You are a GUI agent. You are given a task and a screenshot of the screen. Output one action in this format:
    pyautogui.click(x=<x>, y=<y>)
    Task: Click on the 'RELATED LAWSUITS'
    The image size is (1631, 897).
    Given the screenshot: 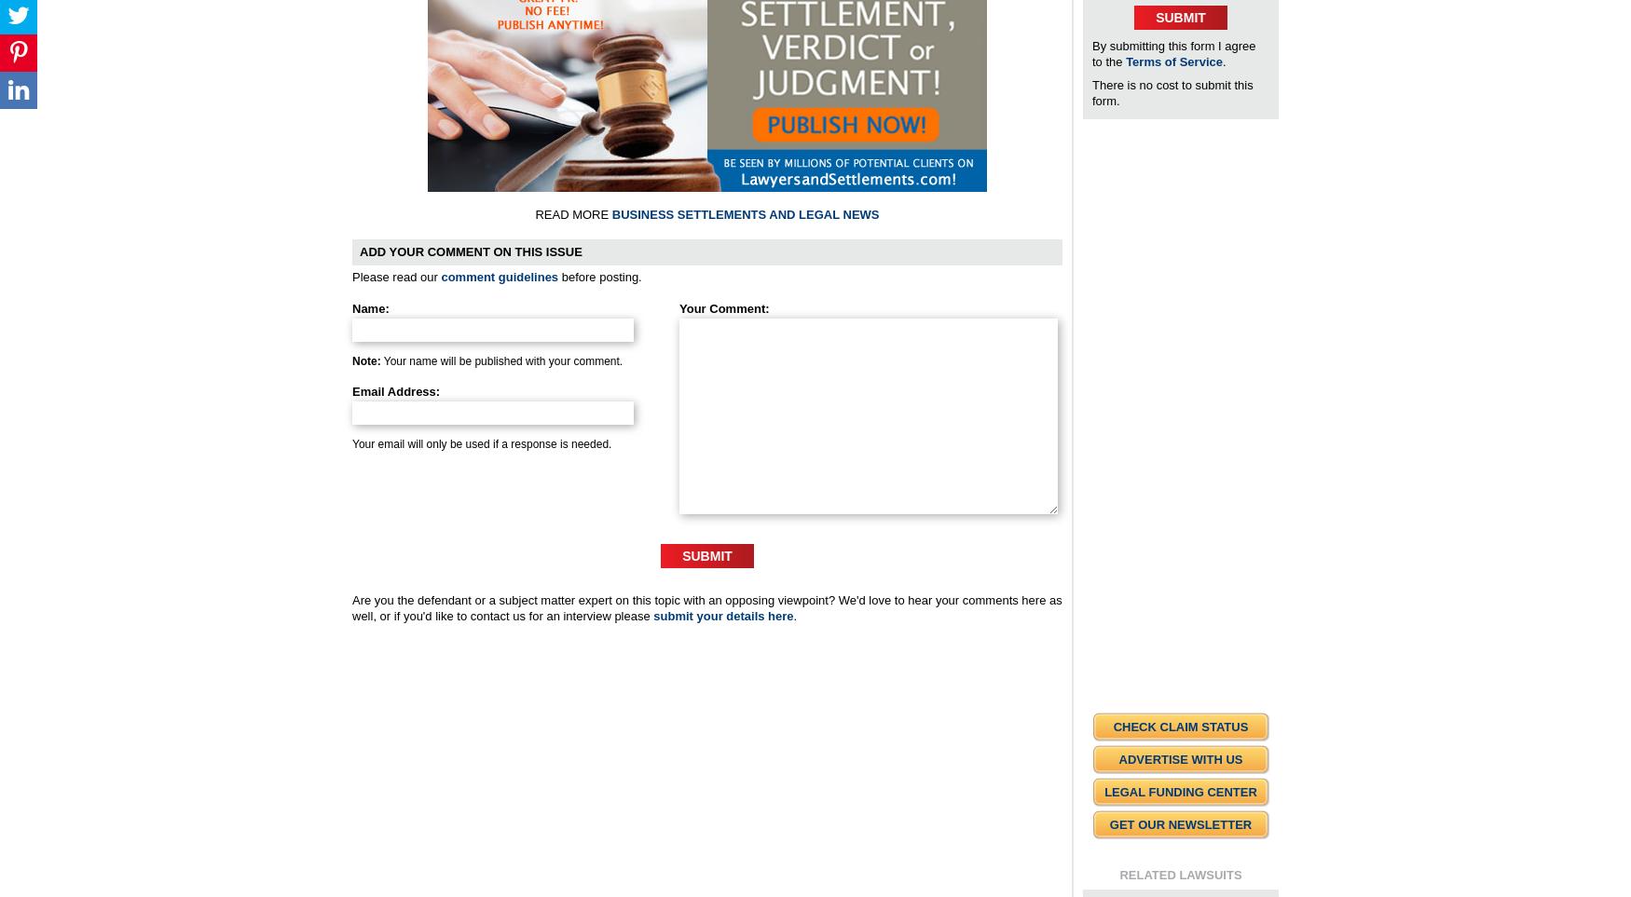 What is the action you would take?
    pyautogui.click(x=1179, y=875)
    